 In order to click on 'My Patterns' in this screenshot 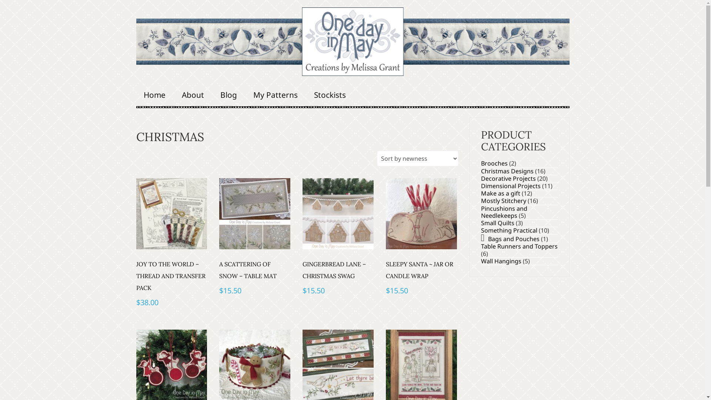, I will do `click(275, 94)`.